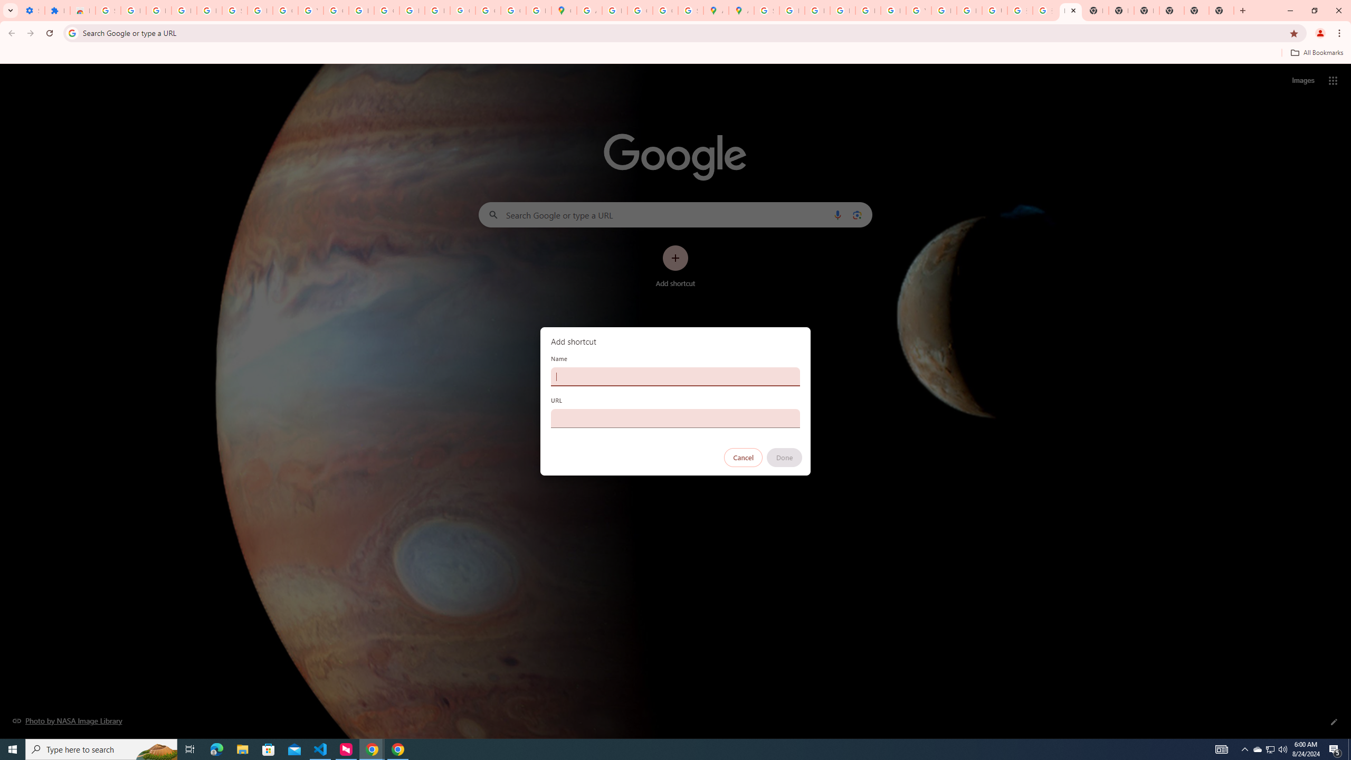 The image size is (1351, 760). What do you see at coordinates (158, 10) in the screenshot?
I see `'Delete photos & videos - Computer - Google Photos Help'` at bounding box center [158, 10].